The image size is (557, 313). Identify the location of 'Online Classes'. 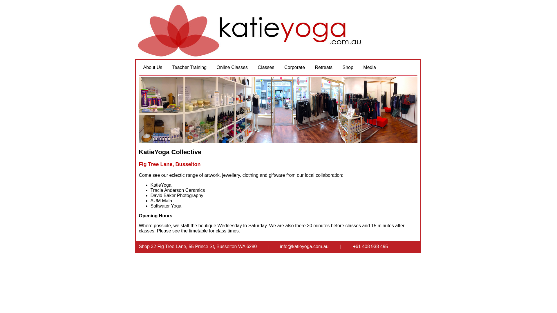
(232, 67).